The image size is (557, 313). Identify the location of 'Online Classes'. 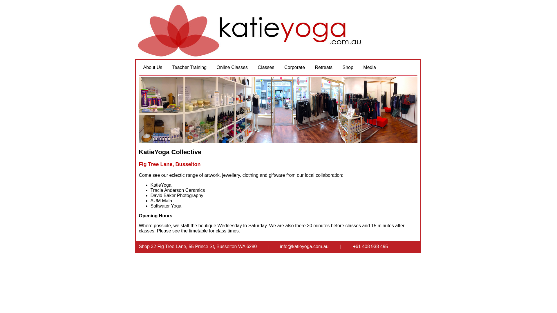
(232, 67).